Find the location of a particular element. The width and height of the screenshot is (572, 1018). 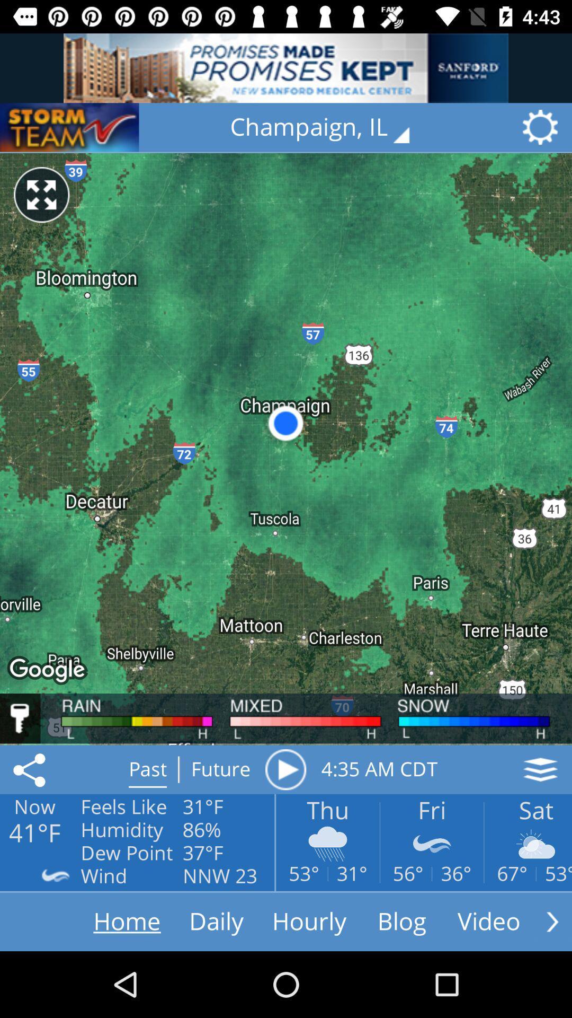

the share icon is located at coordinates (31, 769).